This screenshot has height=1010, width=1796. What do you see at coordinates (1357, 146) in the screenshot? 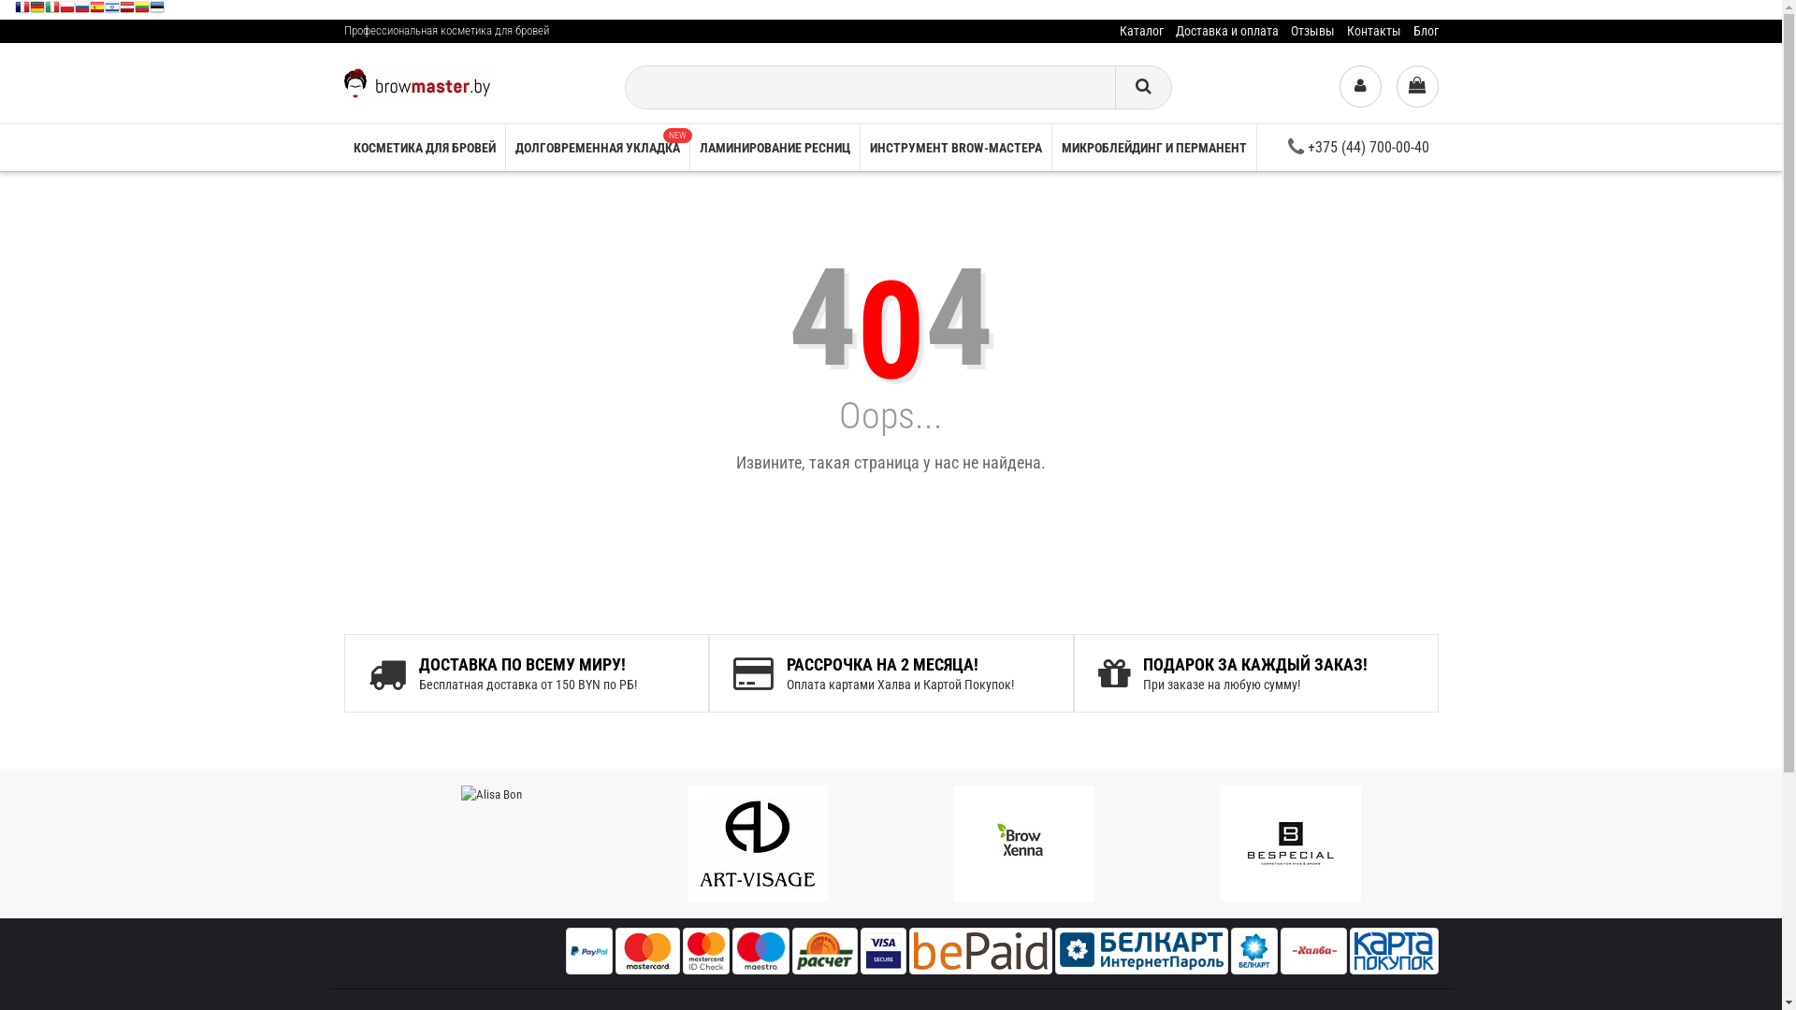
I see `'+375 (44) 700-00-40'` at bounding box center [1357, 146].